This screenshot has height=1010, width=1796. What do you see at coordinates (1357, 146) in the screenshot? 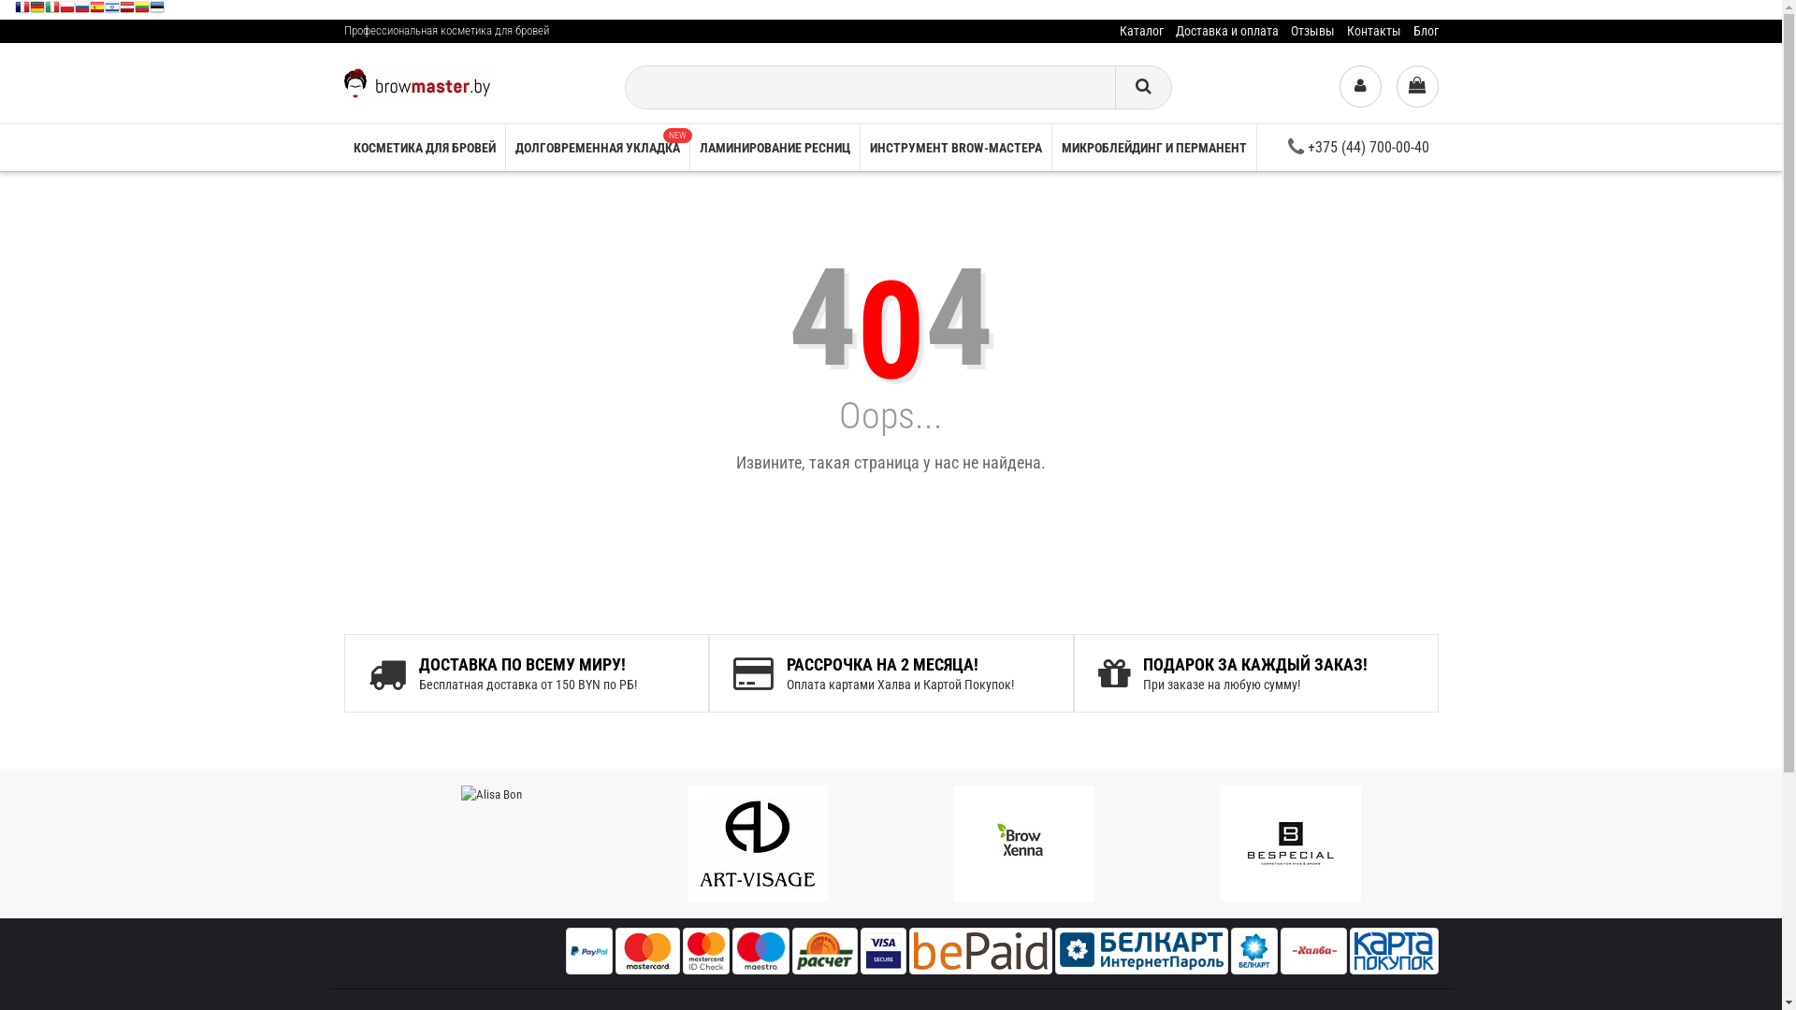
I see `'+375 (44) 700-00-40'` at bounding box center [1357, 146].